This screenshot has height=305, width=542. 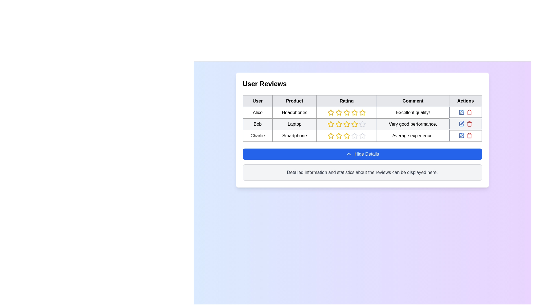 What do you see at coordinates (465, 101) in the screenshot?
I see `the header cell labeled 'Actions' in the table, which is visually distinct with padding and a border, located at the far right of the row` at bounding box center [465, 101].